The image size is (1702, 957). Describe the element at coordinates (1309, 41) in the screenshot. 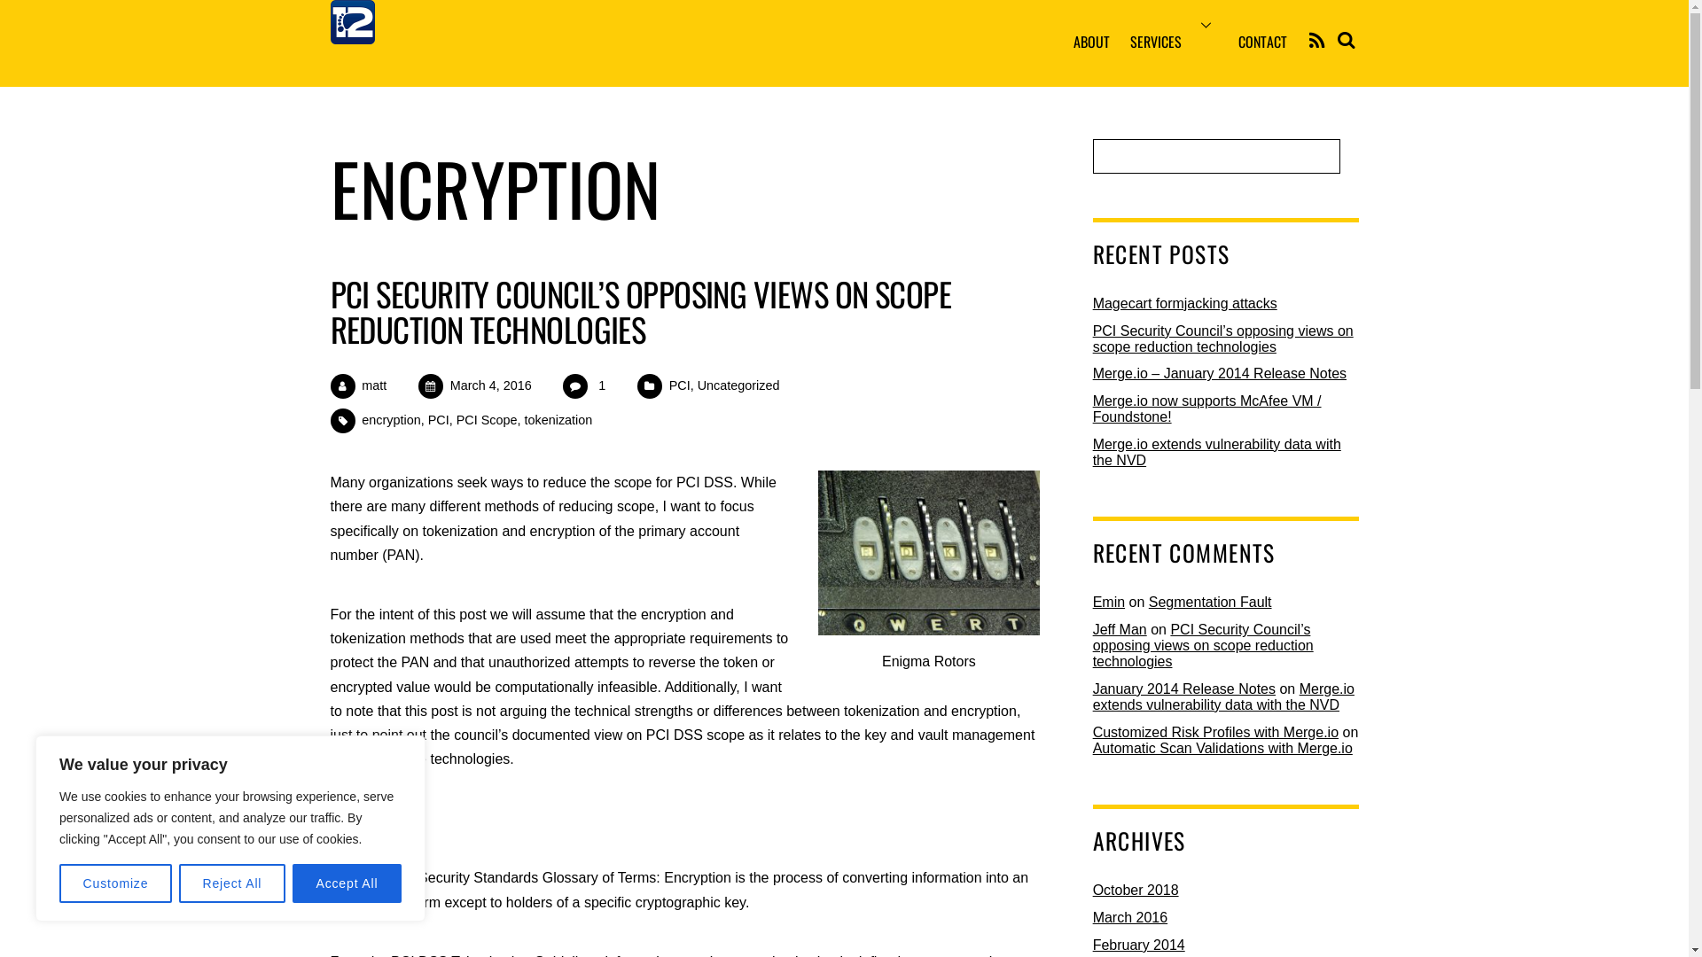

I see `'RSS'` at that location.